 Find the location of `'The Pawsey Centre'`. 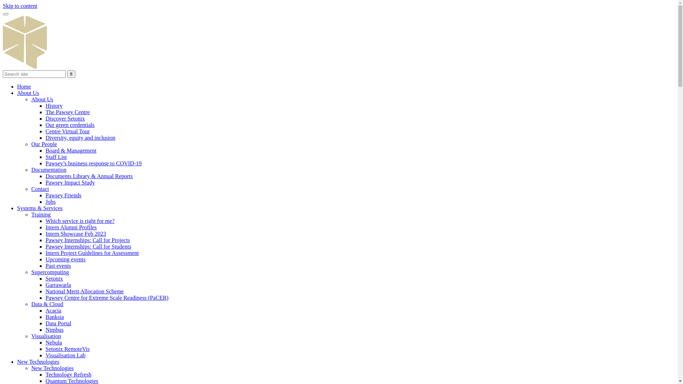

'The Pawsey Centre' is located at coordinates (68, 112).